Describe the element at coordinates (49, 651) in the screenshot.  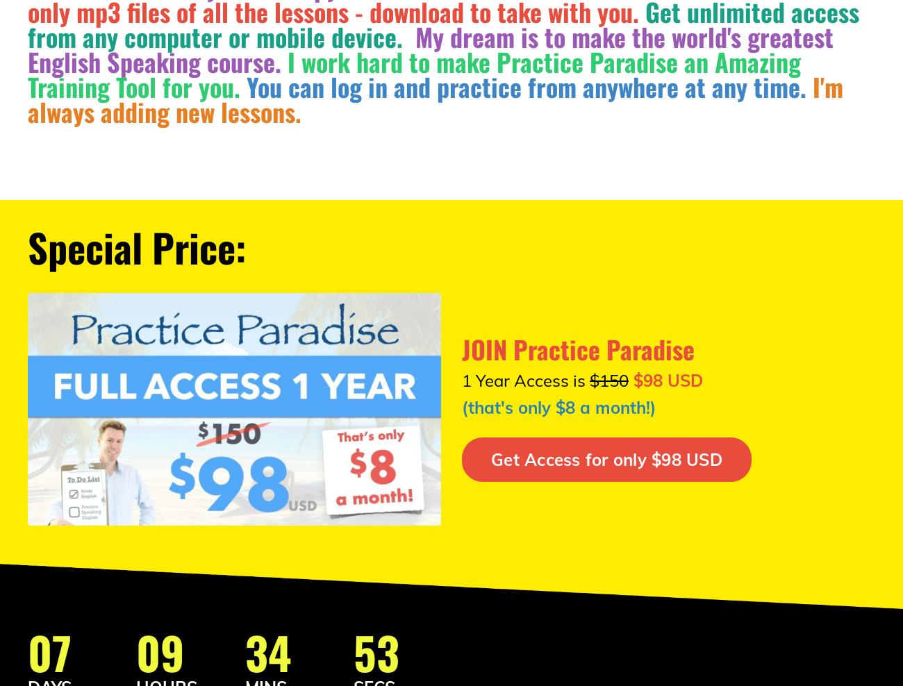
I see `'07'` at that location.